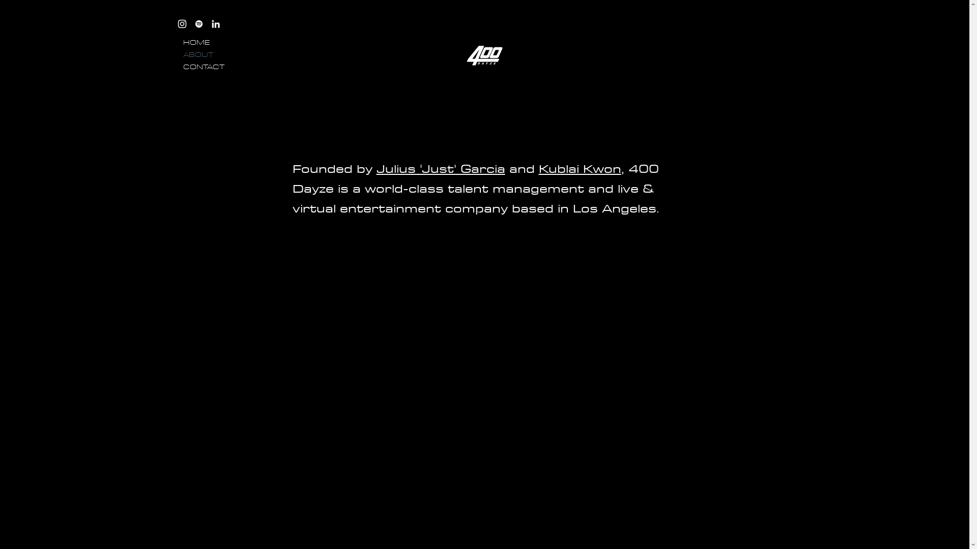 The width and height of the screenshot is (977, 549). I want to click on 'Kublai Kwon', so click(579, 168).